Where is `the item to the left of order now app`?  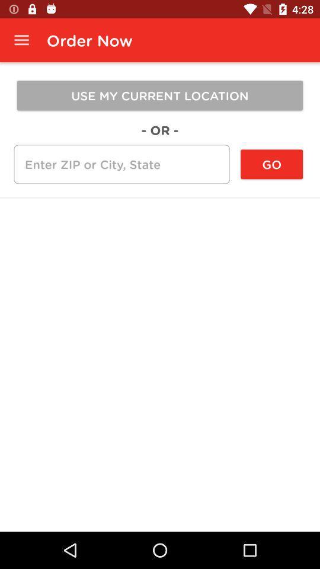 the item to the left of order now app is located at coordinates (21, 40).